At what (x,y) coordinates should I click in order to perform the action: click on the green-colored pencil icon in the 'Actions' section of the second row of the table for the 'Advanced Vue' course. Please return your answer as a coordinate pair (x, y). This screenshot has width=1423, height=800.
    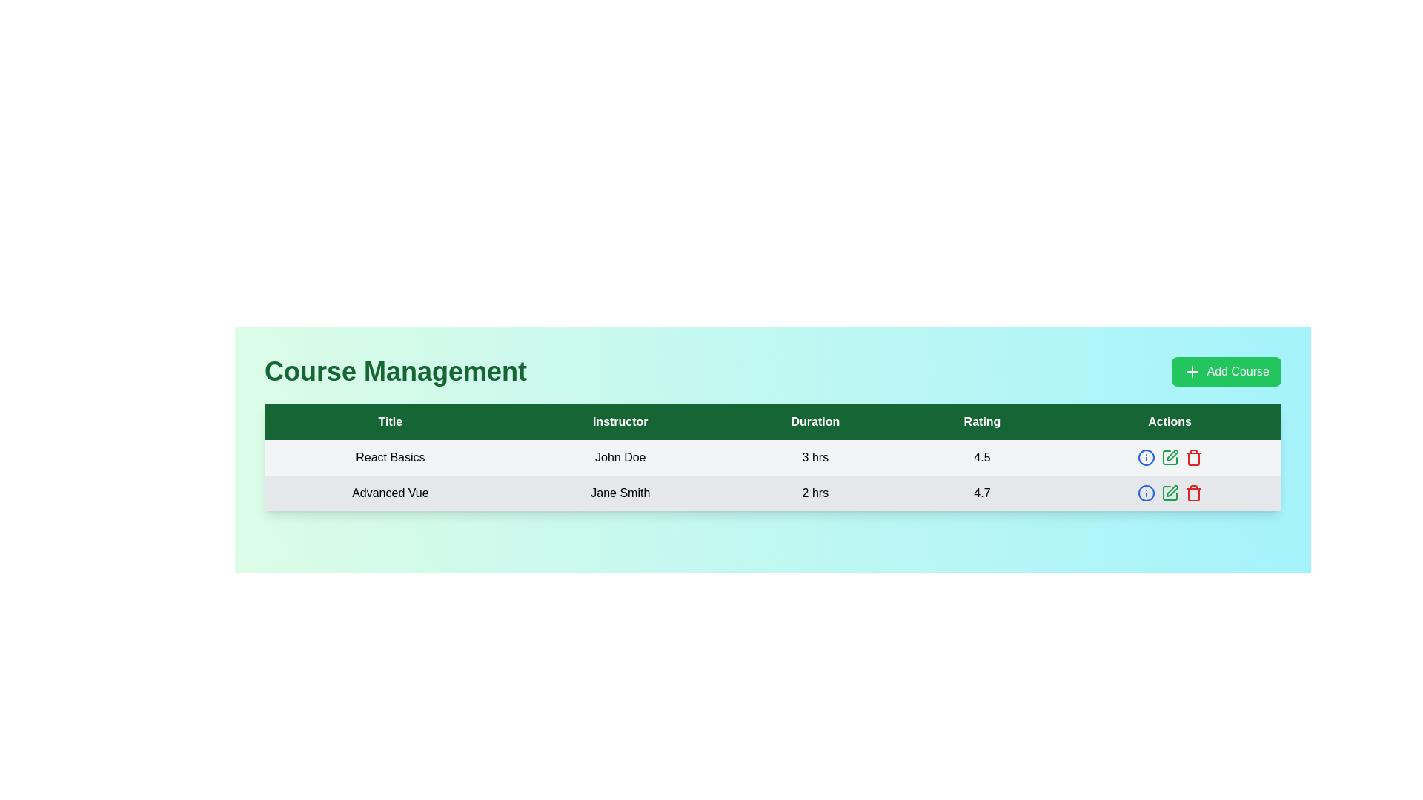
    Looking at the image, I should click on (1169, 493).